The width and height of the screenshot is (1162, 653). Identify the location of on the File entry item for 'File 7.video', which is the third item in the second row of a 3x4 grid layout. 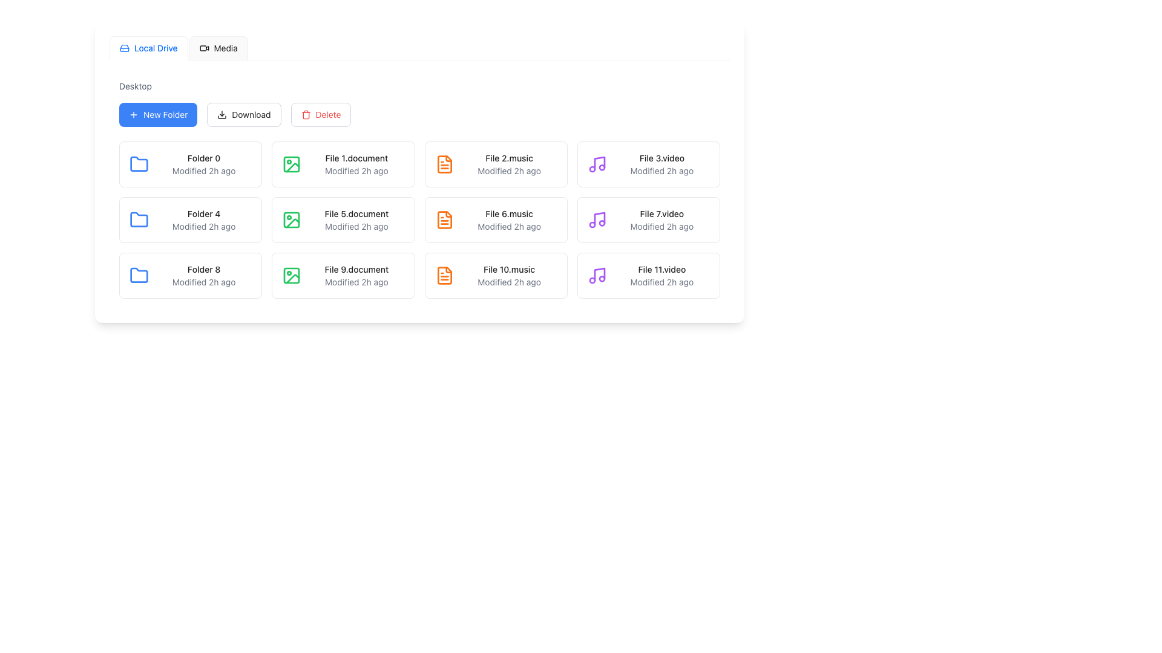
(648, 219).